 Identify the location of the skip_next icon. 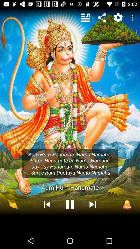
(92, 204).